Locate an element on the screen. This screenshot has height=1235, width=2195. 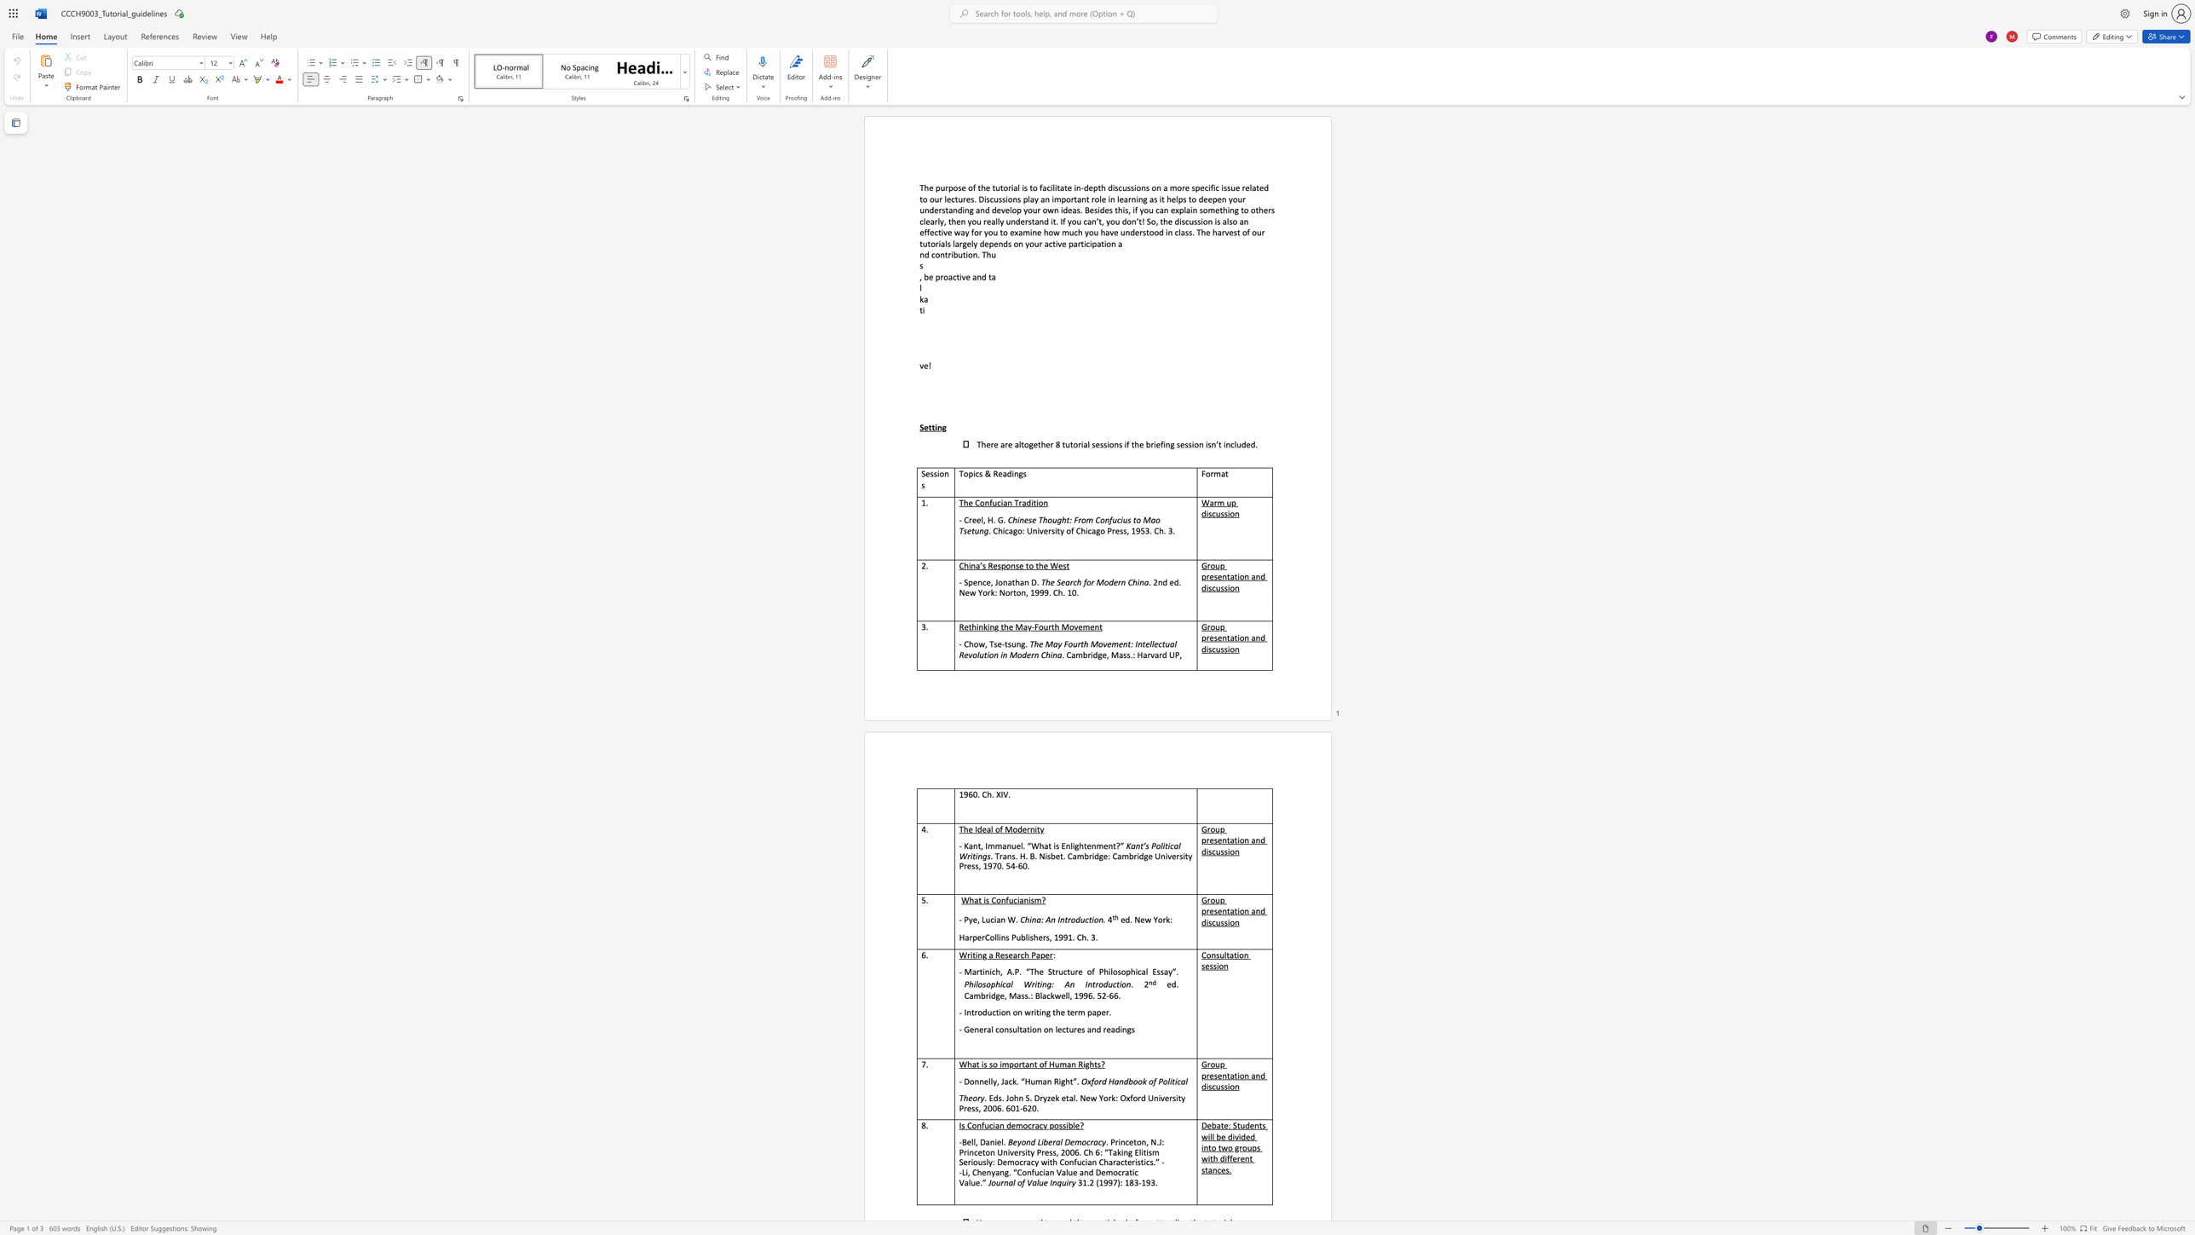
the subset text "on." within the text "China: An Introduction." is located at coordinates (1093, 920).